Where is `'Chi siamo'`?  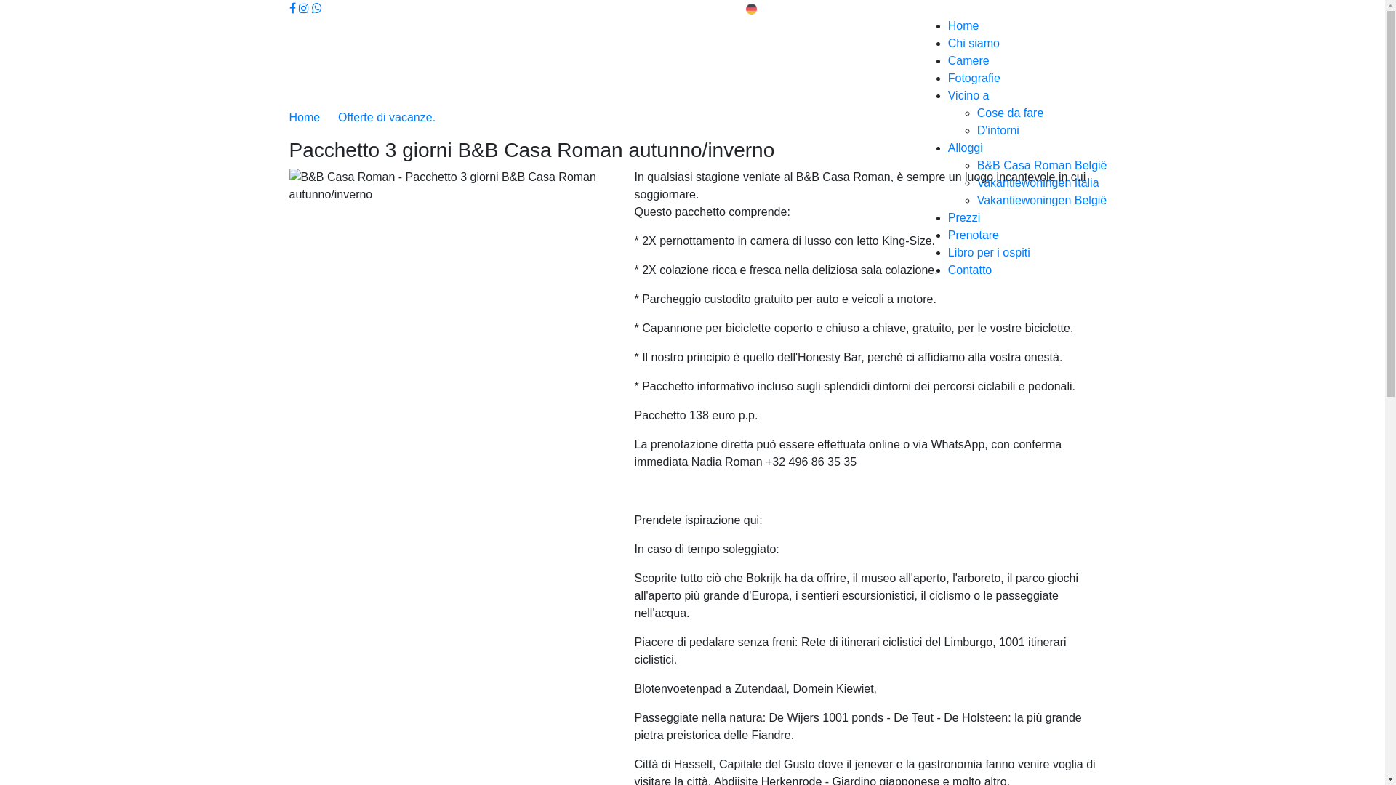 'Chi siamo' is located at coordinates (974, 42).